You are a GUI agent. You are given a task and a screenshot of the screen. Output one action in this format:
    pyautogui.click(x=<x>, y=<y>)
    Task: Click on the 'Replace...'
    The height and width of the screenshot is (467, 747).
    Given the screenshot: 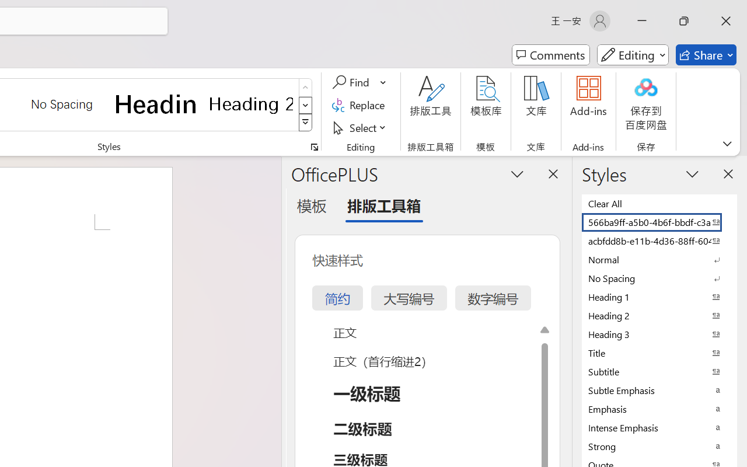 What is the action you would take?
    pyautogui.click(x=359, y=104)
    